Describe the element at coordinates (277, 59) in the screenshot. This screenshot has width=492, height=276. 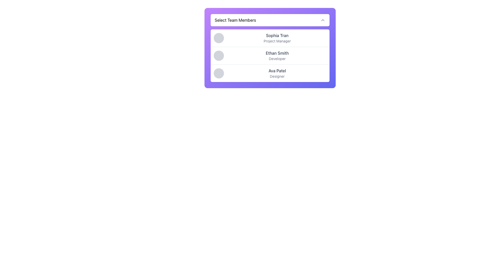
I see `the descriptive text label for the team member Ethan Smith` at that location.